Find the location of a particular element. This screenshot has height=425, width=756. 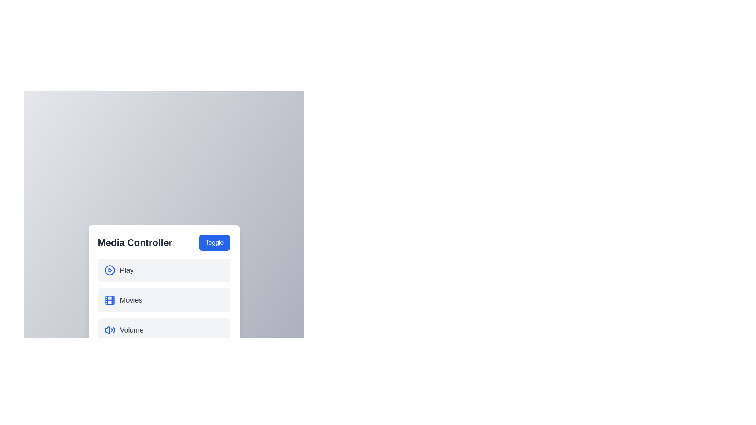

the icon corresponding to the Movies menu item is located at coordinates (109, 300).